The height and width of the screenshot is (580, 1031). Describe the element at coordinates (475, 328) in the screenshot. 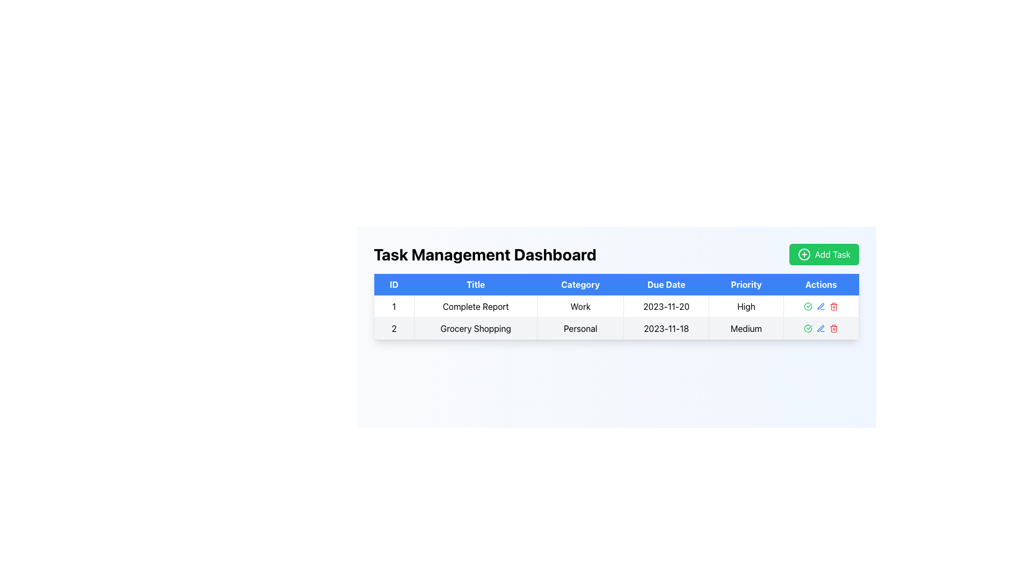

I see `the 'Grocery Shopping' text label located in the second column of the second row of the 'Task Management Dashboard' table` at that location.